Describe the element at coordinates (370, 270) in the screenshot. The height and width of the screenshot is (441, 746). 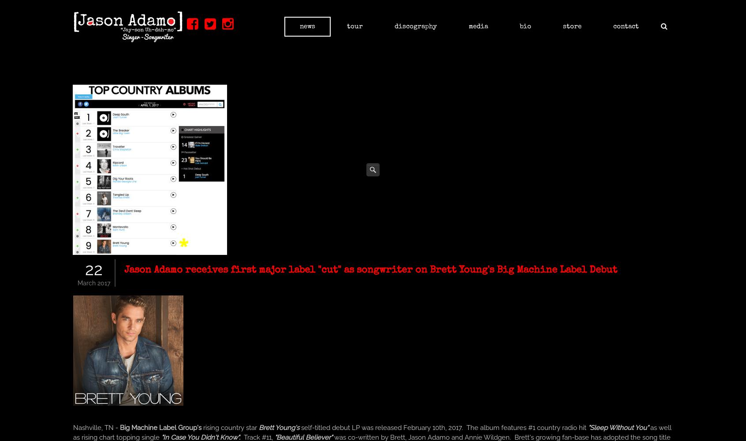
I see `'Jason Adamo receives first major label "cut" as songwriter on Brett Young's Big Machine Label Debut'` at that location.